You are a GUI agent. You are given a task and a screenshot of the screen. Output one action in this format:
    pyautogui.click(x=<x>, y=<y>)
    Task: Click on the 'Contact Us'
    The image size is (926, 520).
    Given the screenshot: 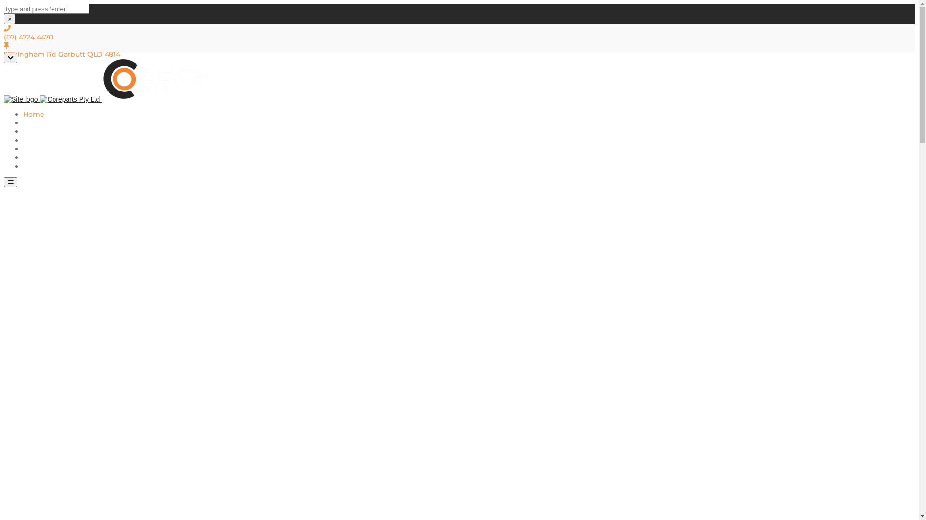 What is the action you would take?
    pyautogui.click(x=41, y=165)
    